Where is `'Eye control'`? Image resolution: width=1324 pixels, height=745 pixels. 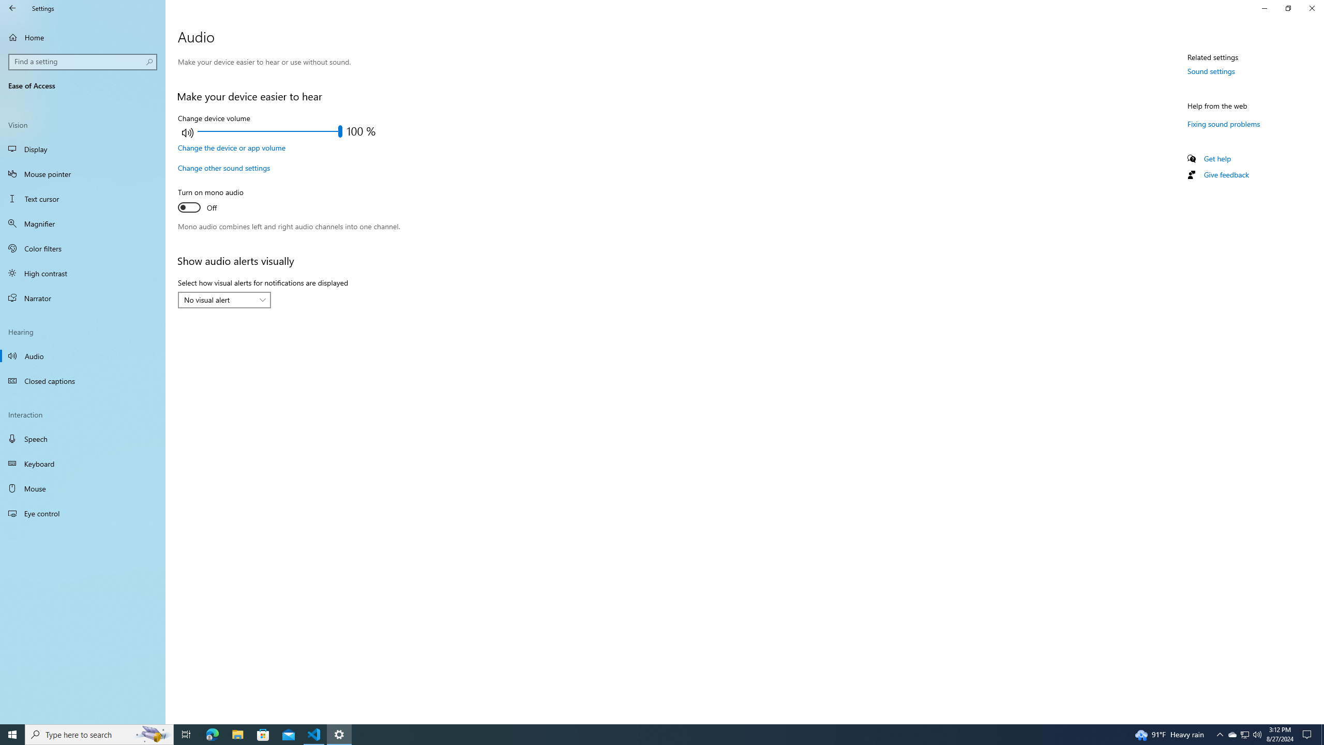 'Eye control' is located at coordinates (82, 513).